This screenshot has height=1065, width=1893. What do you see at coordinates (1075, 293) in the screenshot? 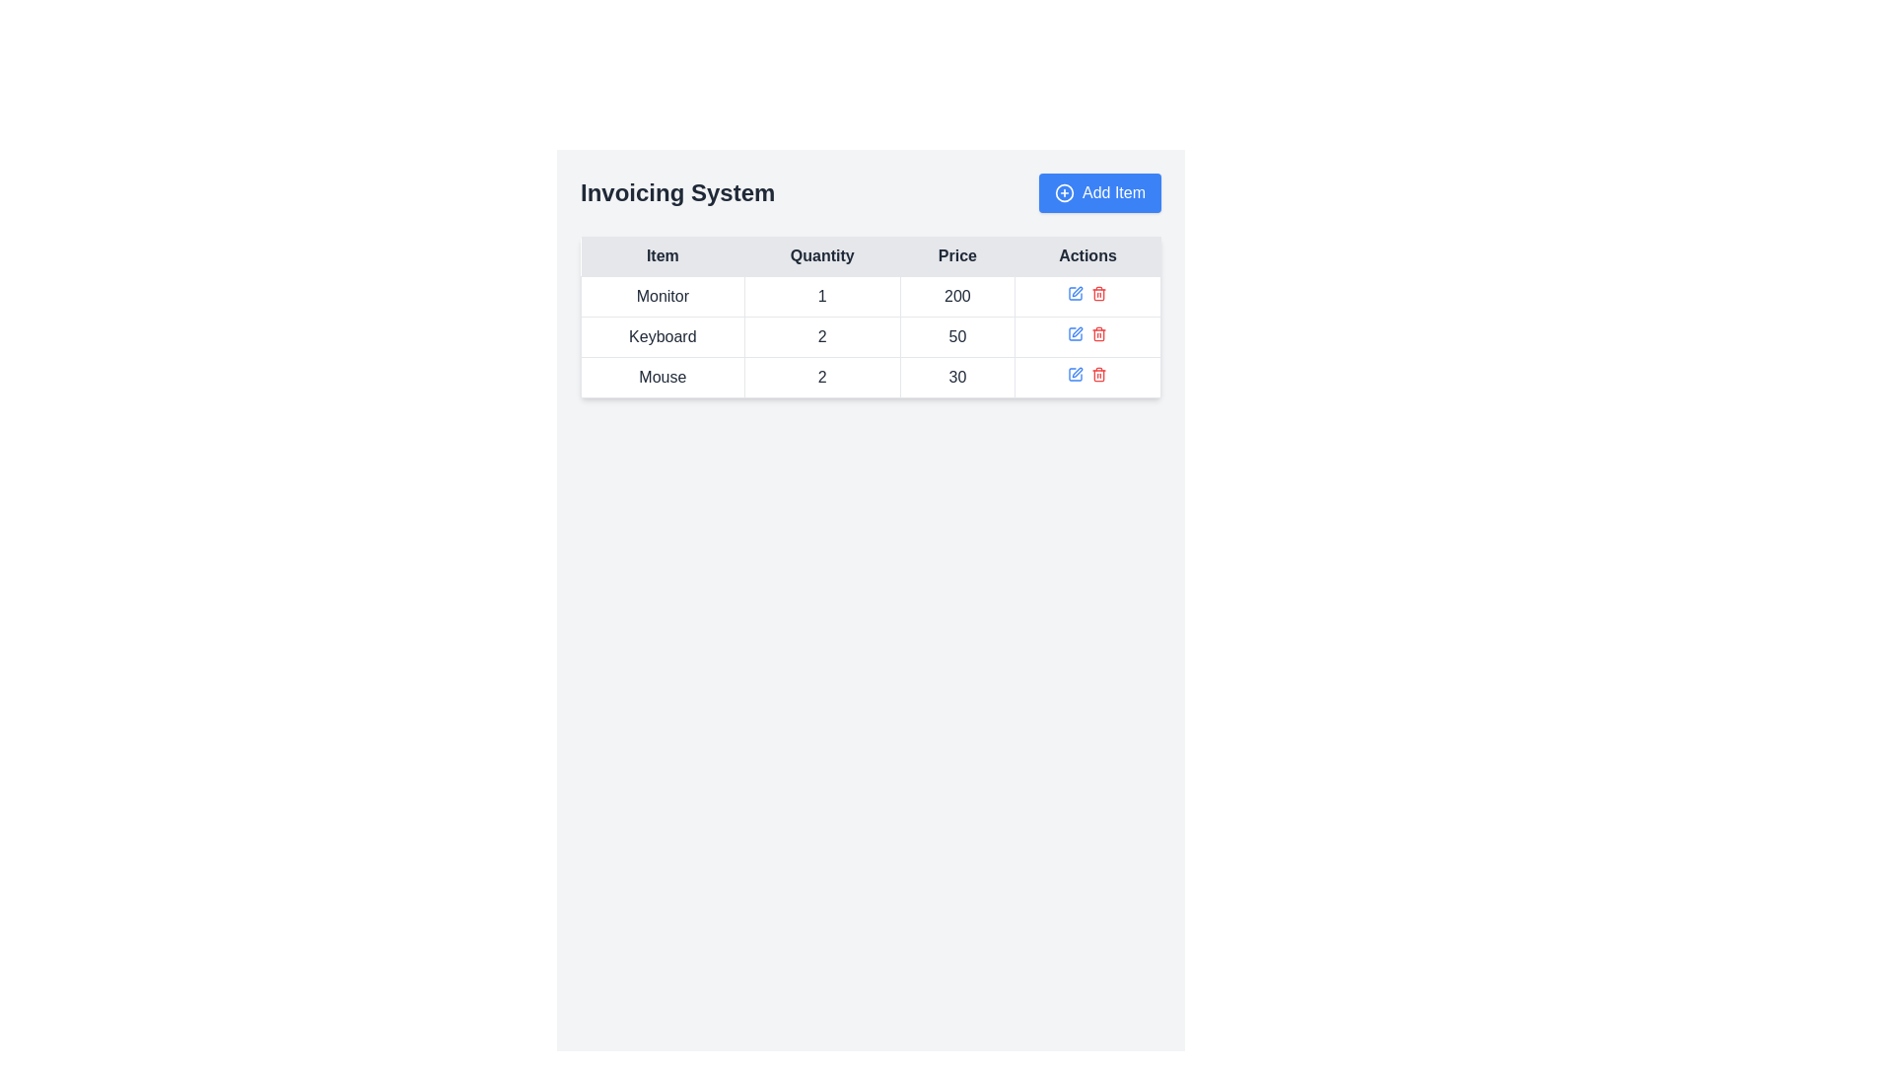
I see `the first action icon in the 'Actions' column of the table row for the 'Monitor' item` at bounding box center [1075, 293].